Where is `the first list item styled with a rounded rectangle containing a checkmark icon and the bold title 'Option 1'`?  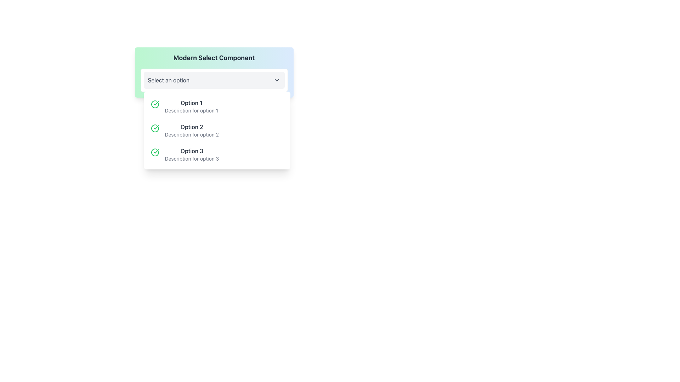
the first list item styled with a rounded rectangle containing a checkmark icon and the bold title 'Option 1' is located at coordinates (216, 106).